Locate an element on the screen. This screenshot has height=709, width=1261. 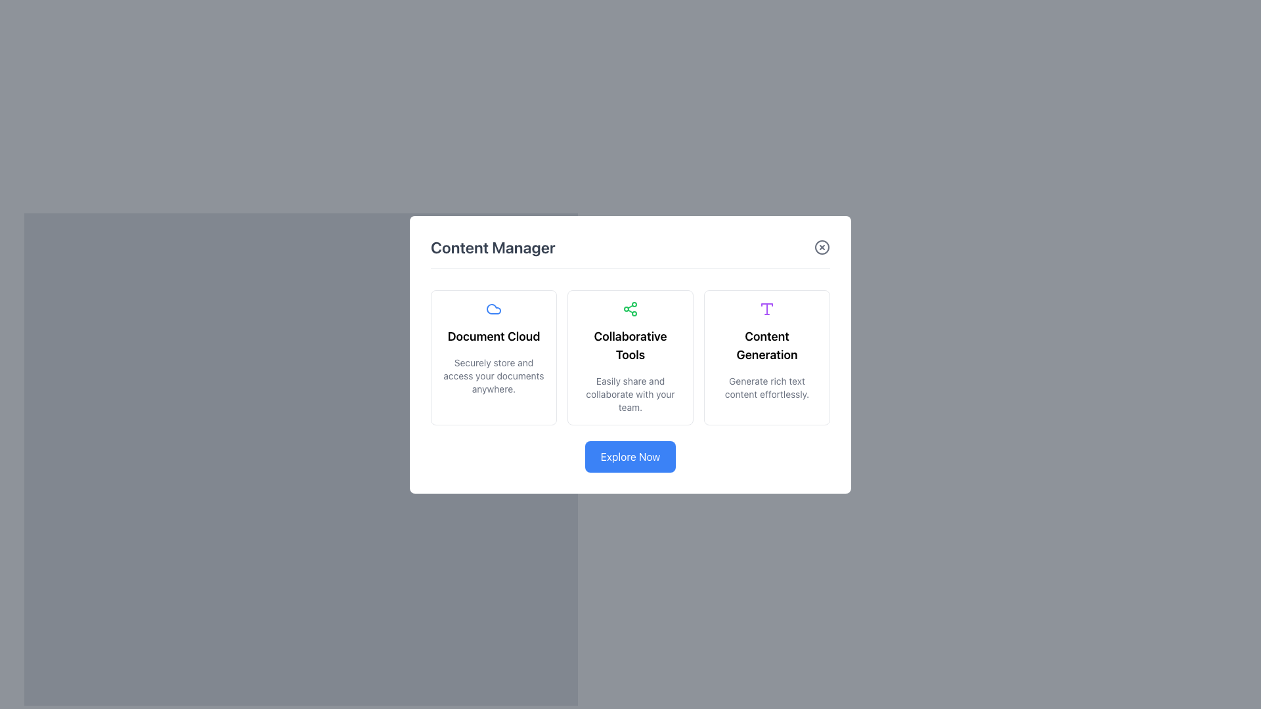
the central Informational Card that provides details about the 'Collaborative Tools' feature, positioned between the 'Document Cloud' and 'Content Generation' cards in a three-column grid layout is located at coordinates (630, 357).